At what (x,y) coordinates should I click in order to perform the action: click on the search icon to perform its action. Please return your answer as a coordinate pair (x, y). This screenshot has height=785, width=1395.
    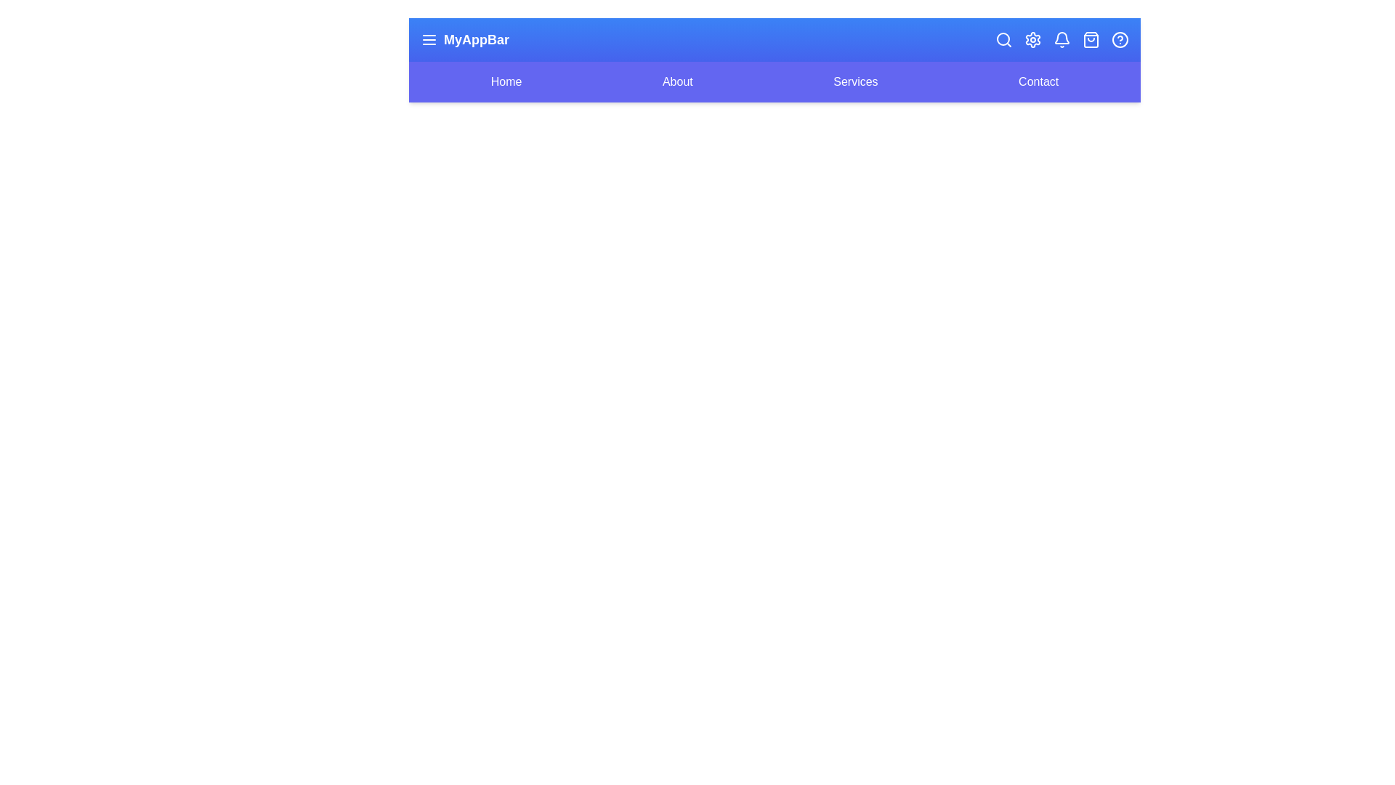
    Looking at the image, I should click on (1003, 39).